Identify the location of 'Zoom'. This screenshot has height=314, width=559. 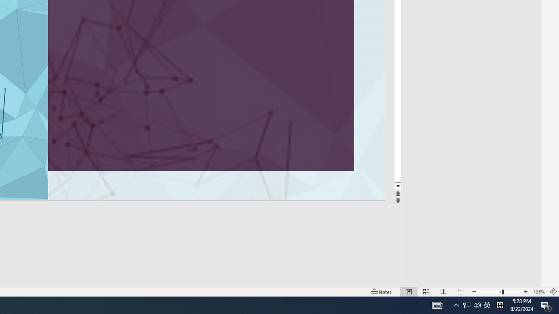
(500, 292).